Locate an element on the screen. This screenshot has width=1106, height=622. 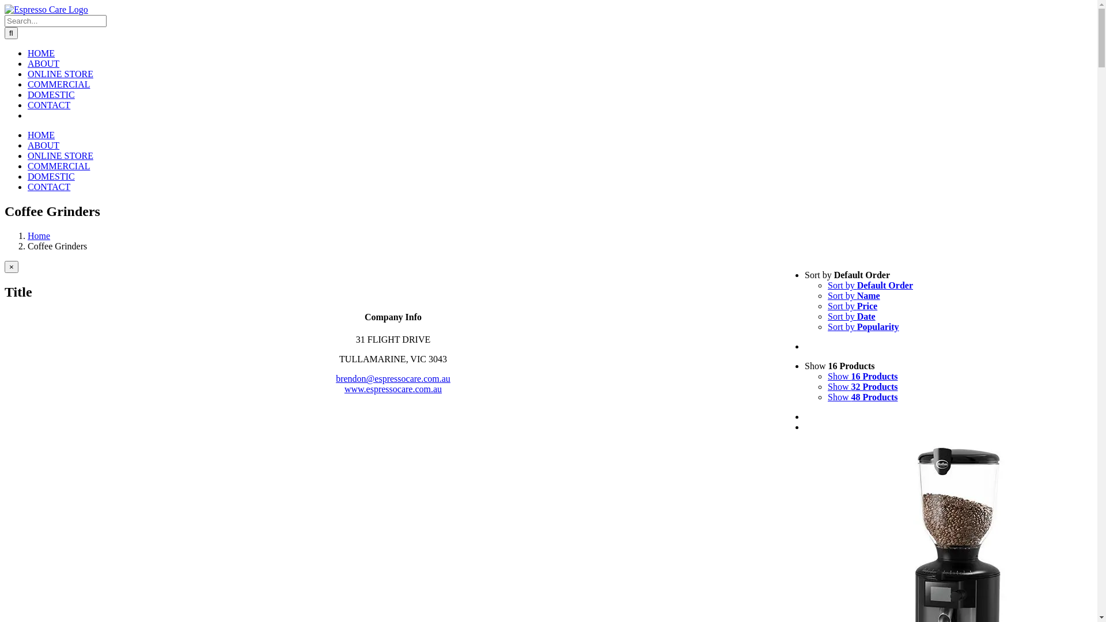
'HOME' is located at coordinates (28, 134).